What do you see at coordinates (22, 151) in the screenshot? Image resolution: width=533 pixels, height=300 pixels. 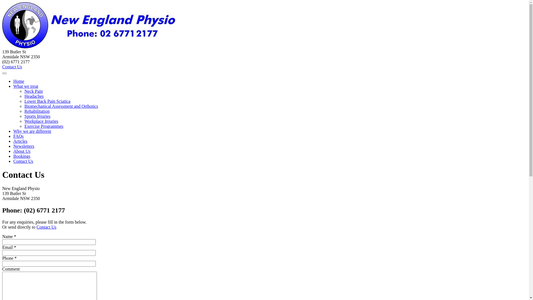 I see `'About Us'` at bounding box center [22, 151].